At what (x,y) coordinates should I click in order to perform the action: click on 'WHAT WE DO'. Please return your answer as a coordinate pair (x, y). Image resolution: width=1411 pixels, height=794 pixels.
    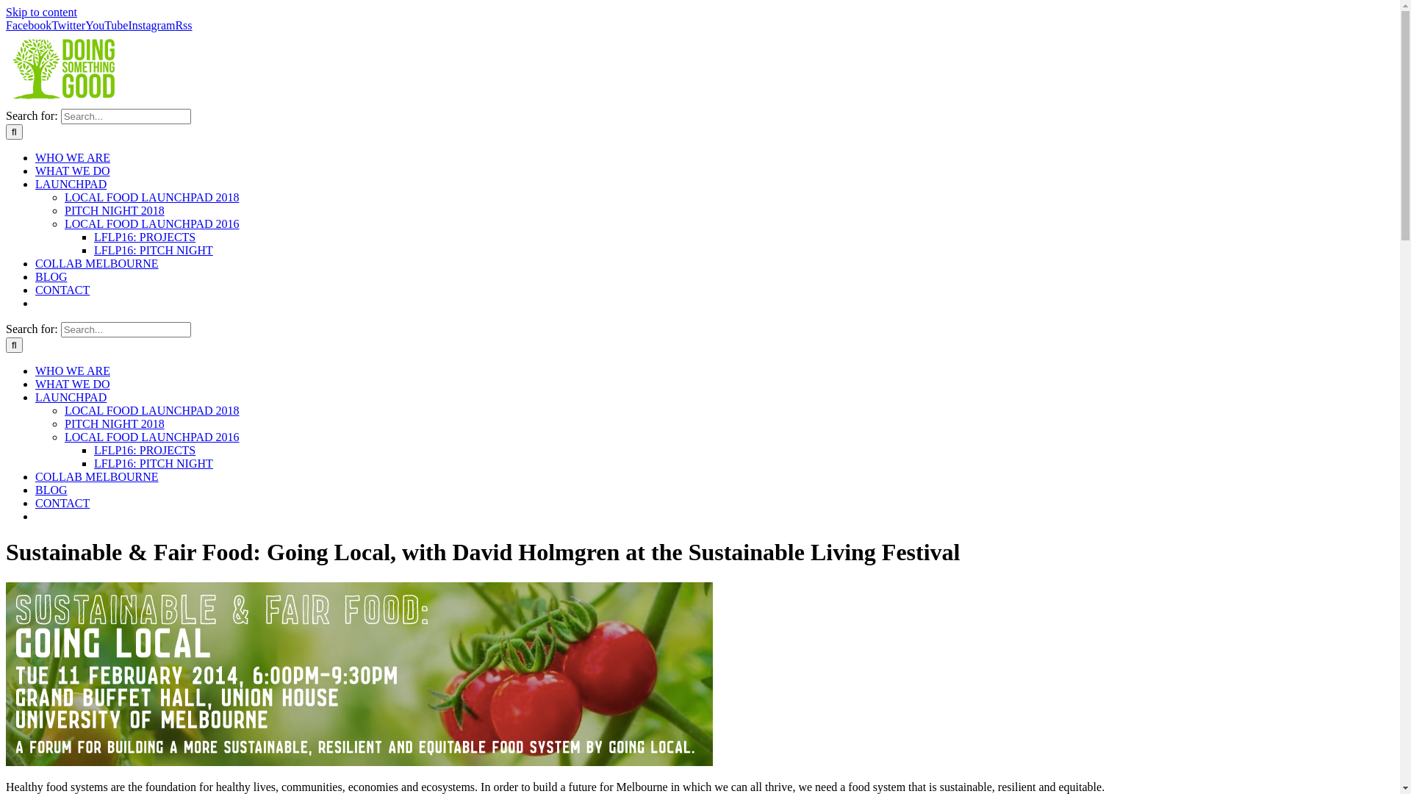
    Looking at the image, I should click on (35, 170).